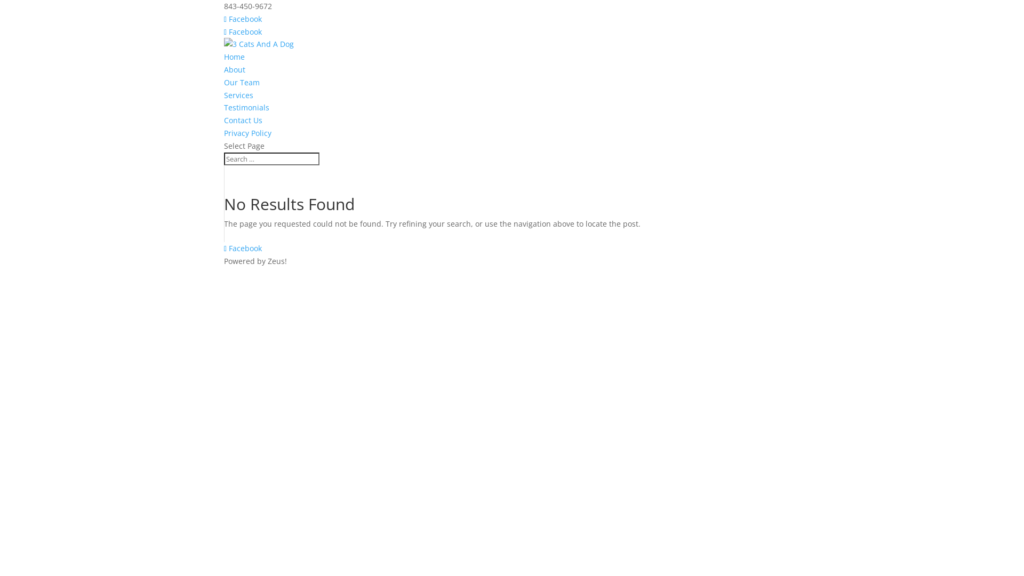 The image size is (1024, 576). What do you see at coordinates (247, 132) in the screenshot?
I see `'Privacy Policy'` at bounding box center [247, 132].